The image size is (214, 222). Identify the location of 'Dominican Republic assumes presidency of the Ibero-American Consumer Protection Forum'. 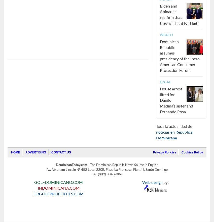
(180, 55).